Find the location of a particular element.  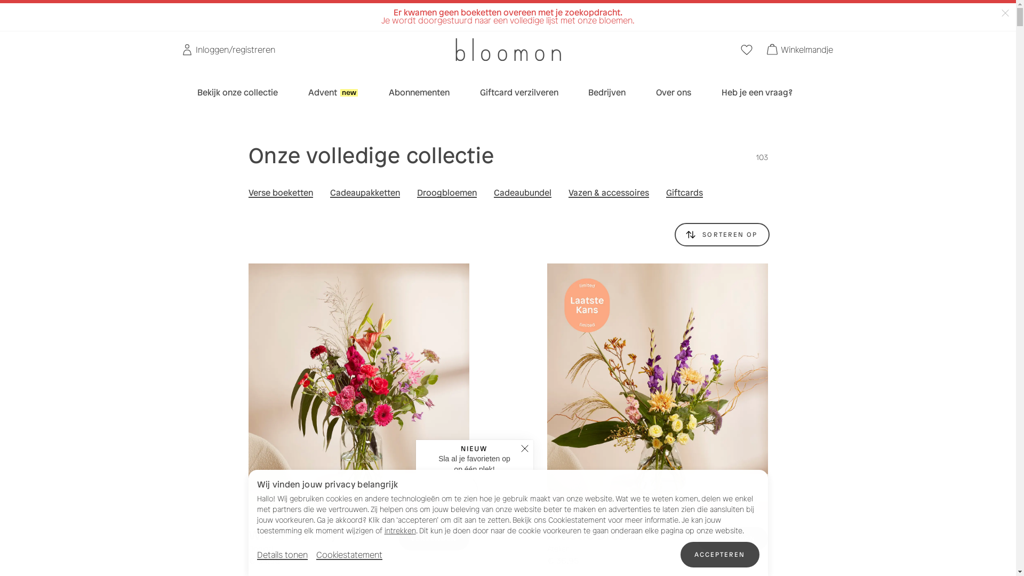

'Cadeaupakketten' is located at coordinates (329, 193).